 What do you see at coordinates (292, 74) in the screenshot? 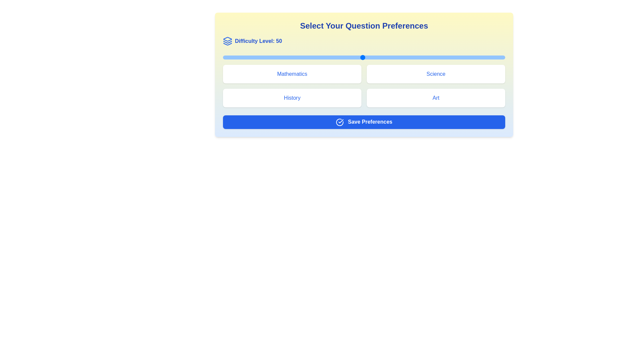
I see `the category Mathematics to select it` at bounding box center [292, 74].